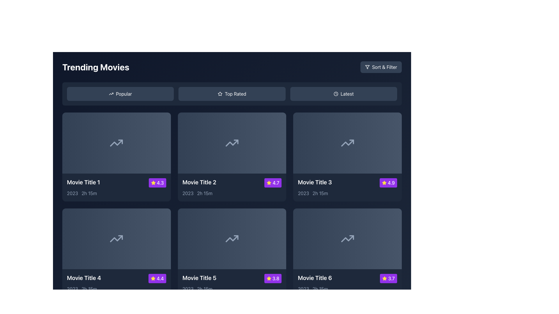 This screenshot has width=559, height=314. What do you see at coordinates (205, 289) in the screenshot?
I see `the Text label providing information about the duration of 'Movie Title 5', located below the title in the grid layout` at bounding box center [205, 289].